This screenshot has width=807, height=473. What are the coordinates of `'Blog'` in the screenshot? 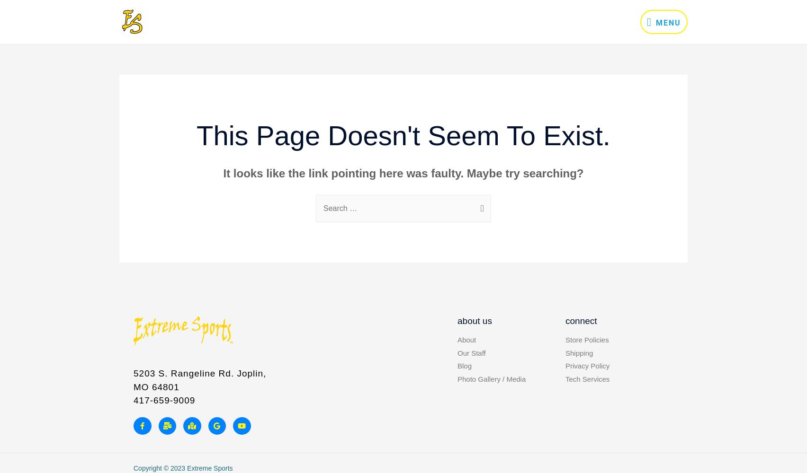 It's located at (457, 366).